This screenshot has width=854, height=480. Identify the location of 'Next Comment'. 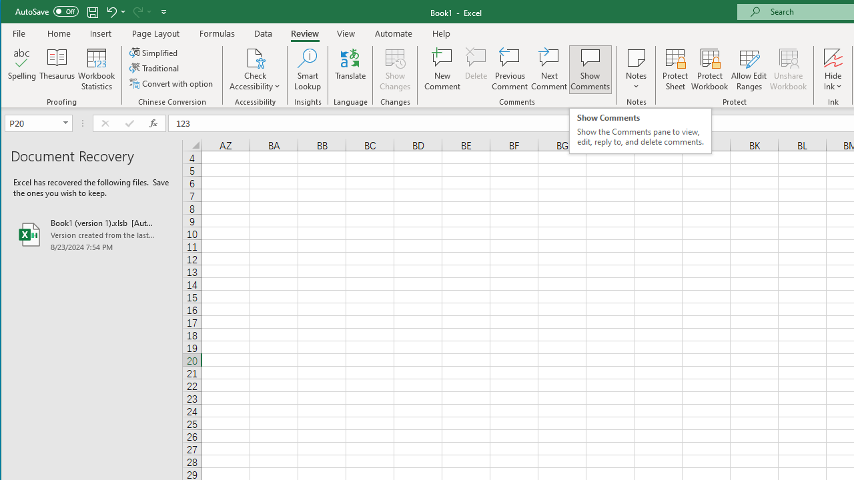
(549, 69).